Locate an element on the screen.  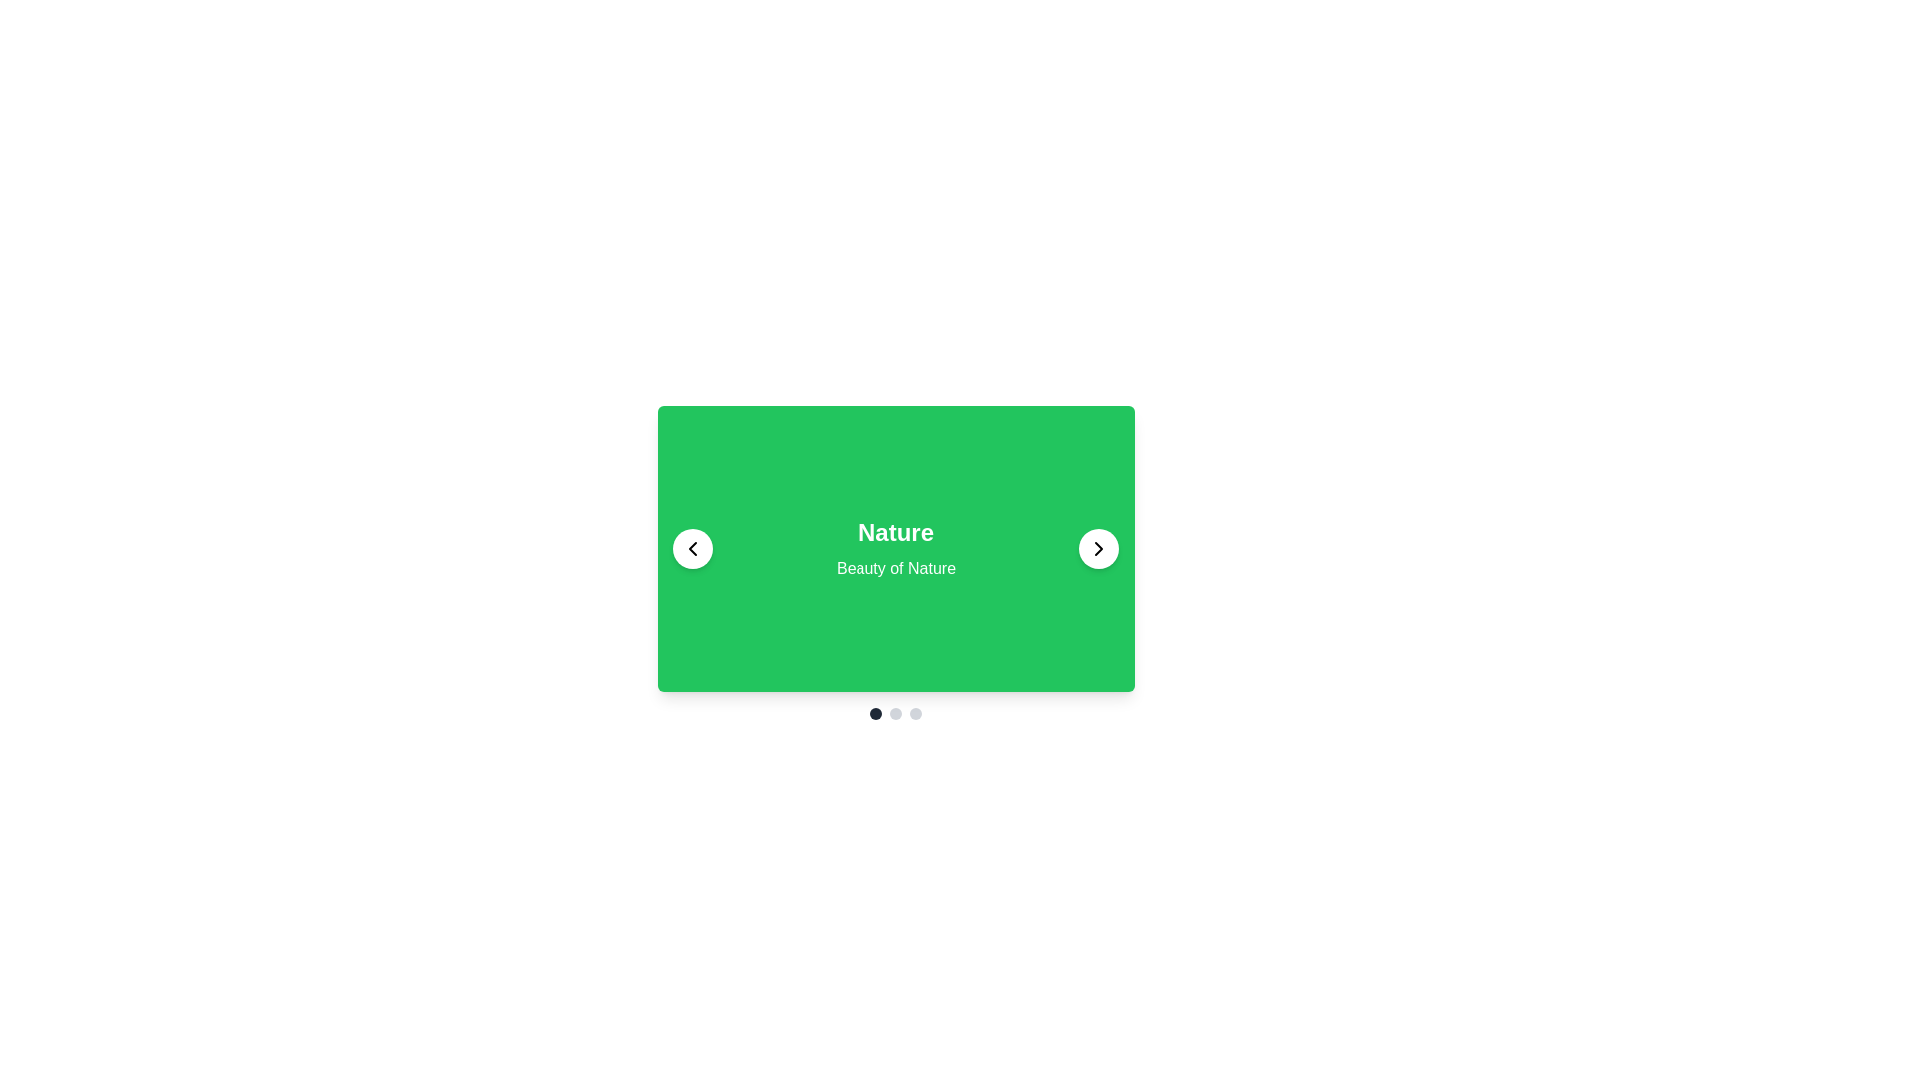
the third Carousel navigation dot, which is a circular control for navigating through a sequence, positioned to the far right among three similar dots below a green rectangle is located at coordinates (915, 712).